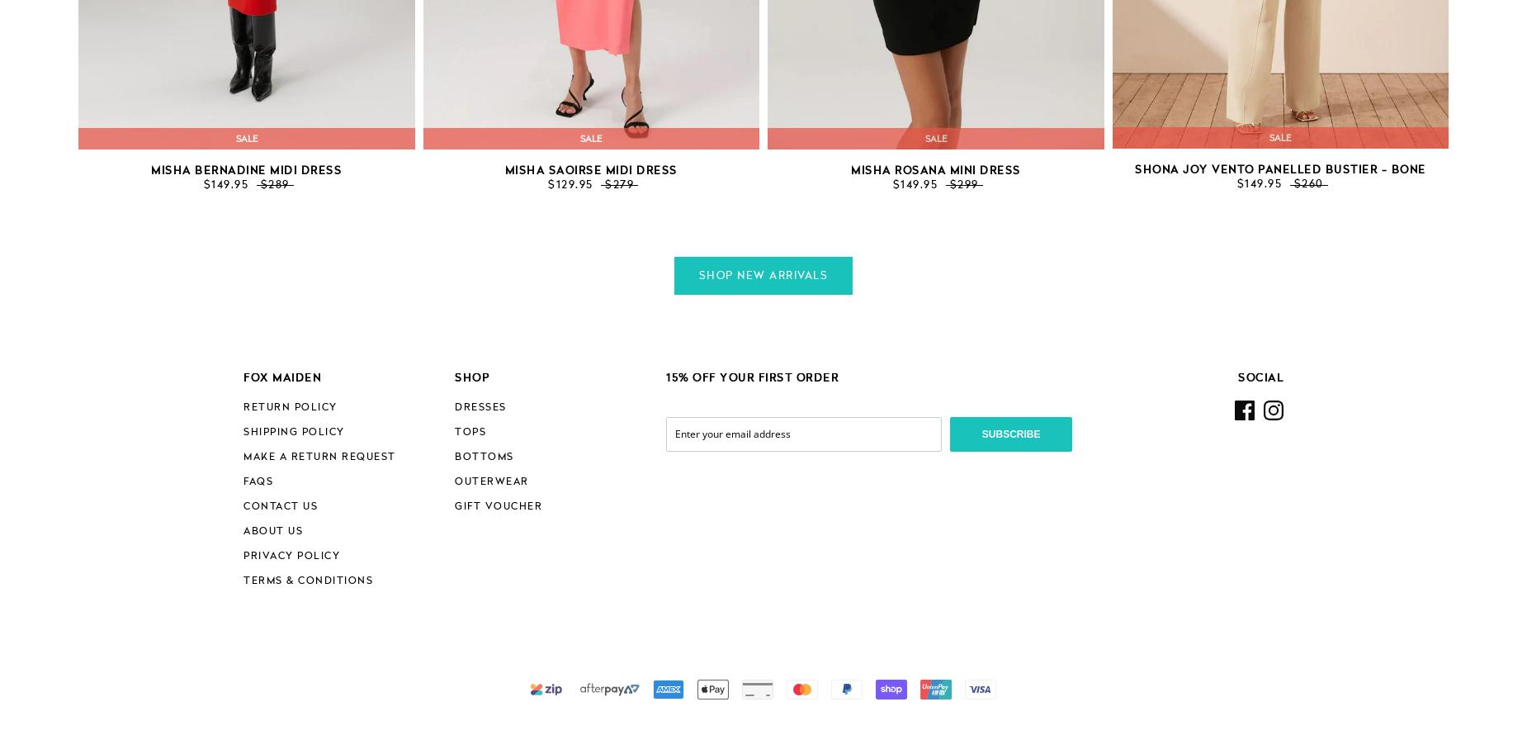 This screenshot has width=1527, height=735. I want to click on 'MISHA ROSANA MINI DRESS', so click(934, 170).